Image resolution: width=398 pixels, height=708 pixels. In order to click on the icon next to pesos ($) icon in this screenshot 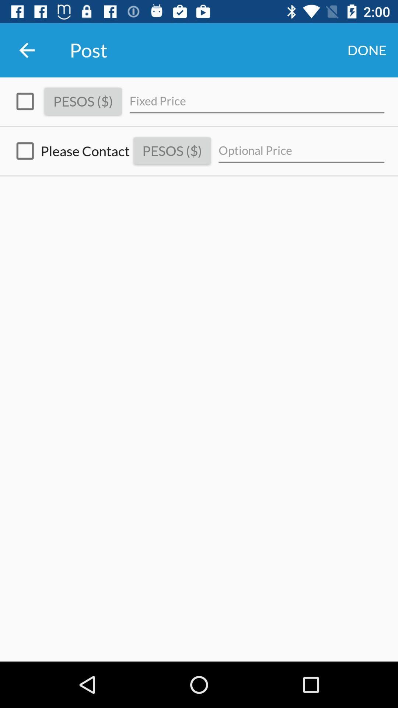, I will do `click(301, 150)`.